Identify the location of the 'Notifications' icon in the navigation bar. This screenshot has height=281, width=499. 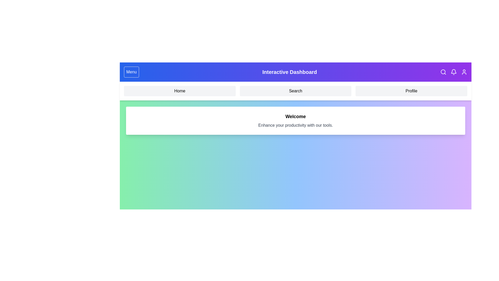
(454, 72).